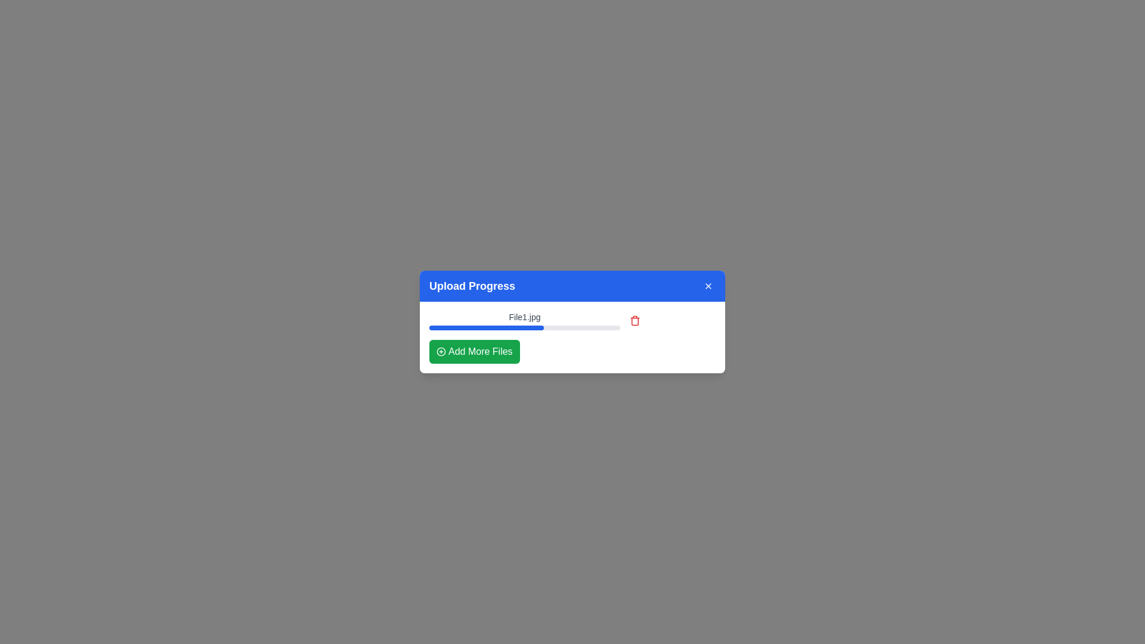 The width and height of the screenshot is (1145, 644). What do you see at coordinates (474, 351) in the screenshot?
I see `the 'Add More Files' button located at the bottom left of the 'Upload Progress' dialog box to initiate the process of adding additional files to the ongoing upload` at bounding box center [474, 351].